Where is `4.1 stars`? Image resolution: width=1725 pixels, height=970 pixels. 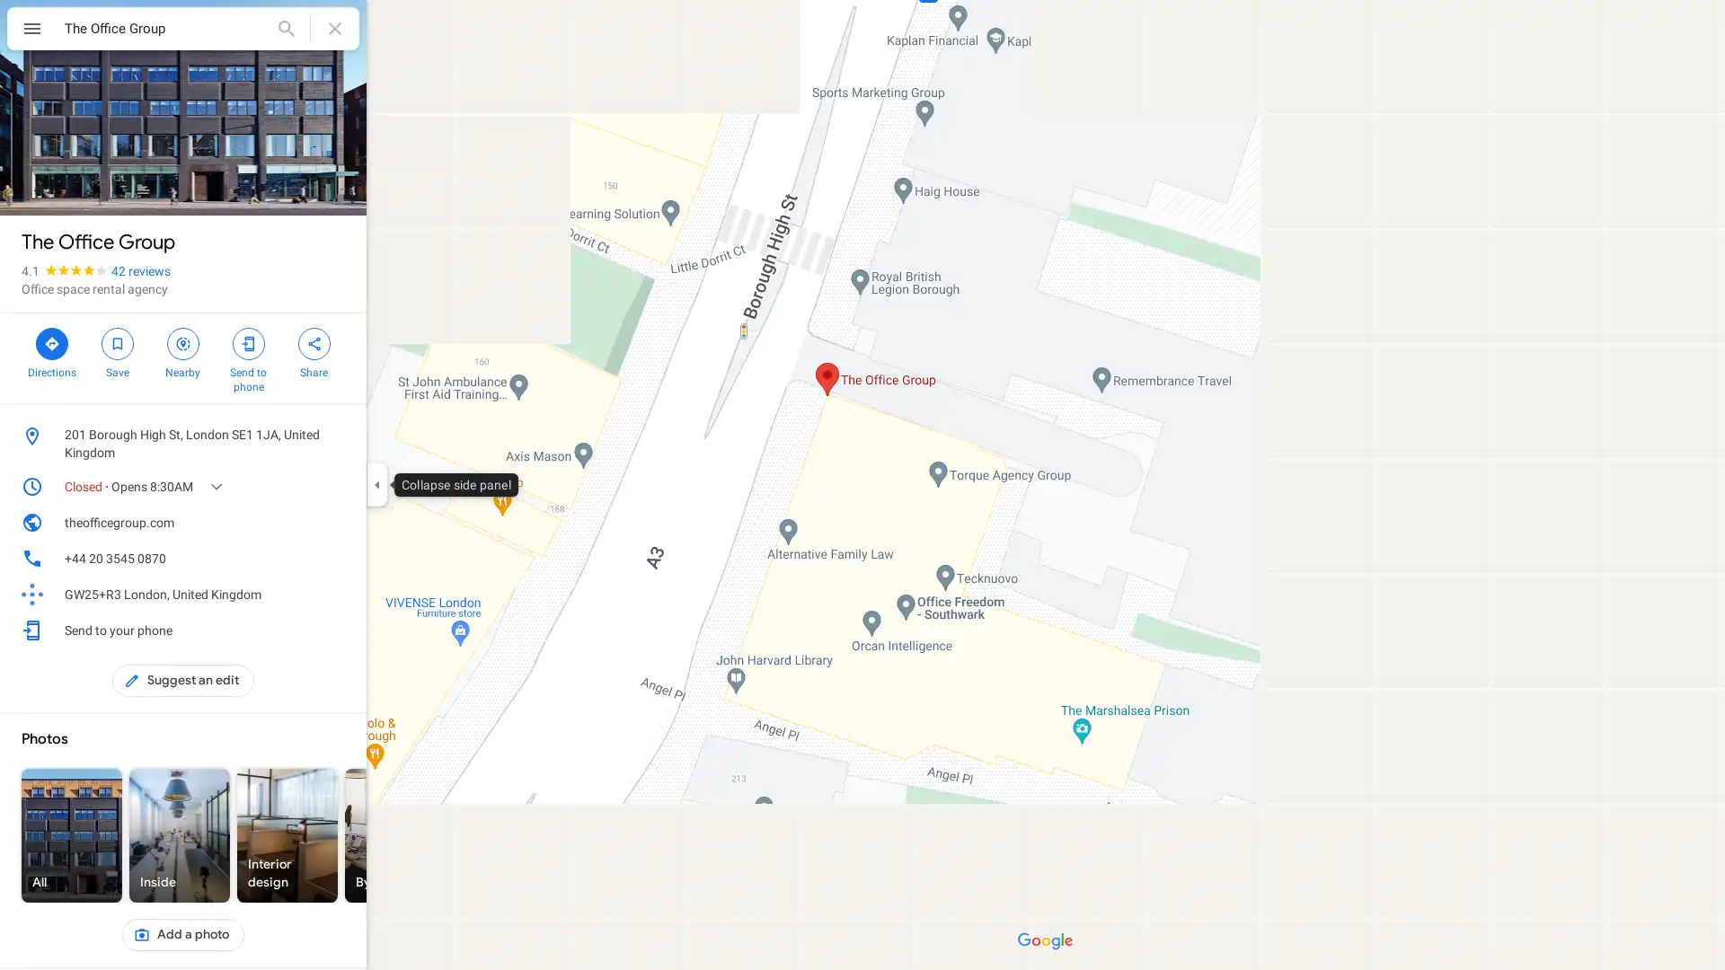
4.1 stars is located at coordinates (66, 270).